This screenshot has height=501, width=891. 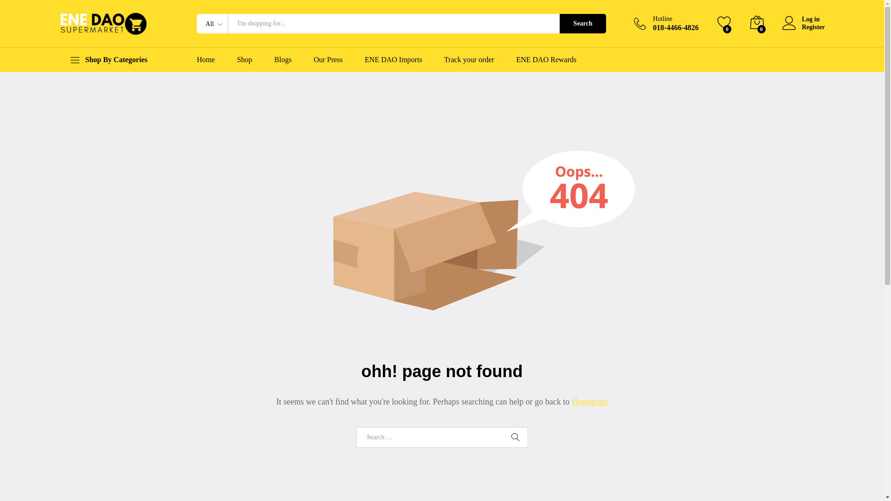 What do you see at coordinates (546, 59) in the screenshot?
I see `'ENE DAO Rewards'` at bounding box center [546, 59].